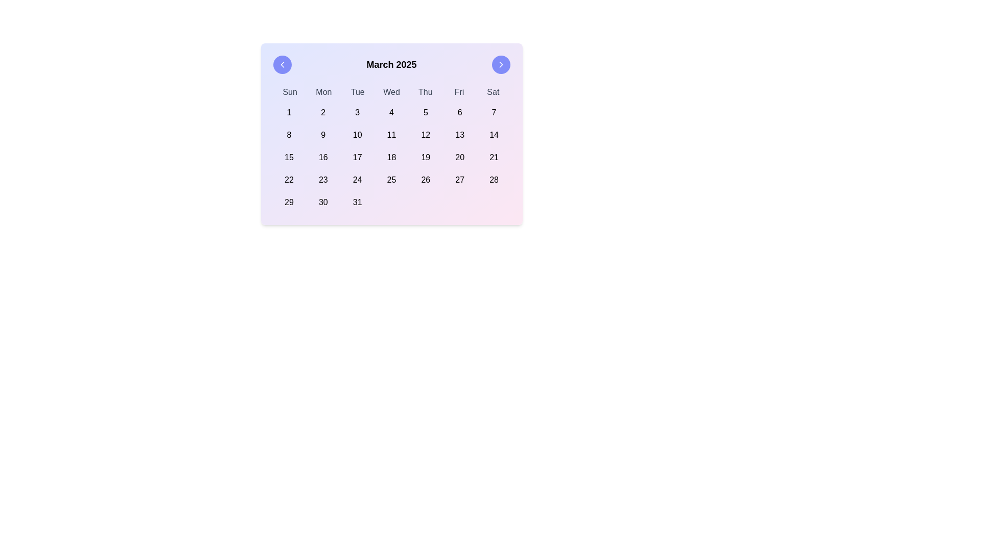 Image resolution: width=981 pixels, height=551 pixels. What do you see at coordinates (494, 157) in the screenshot?
I see `the button representing the date '21' in the calendar interface` at bounding box center [494, 157].